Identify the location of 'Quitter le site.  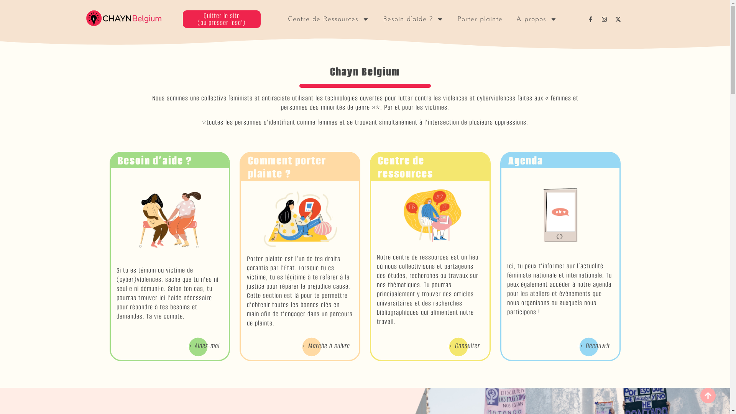
(221, 19).